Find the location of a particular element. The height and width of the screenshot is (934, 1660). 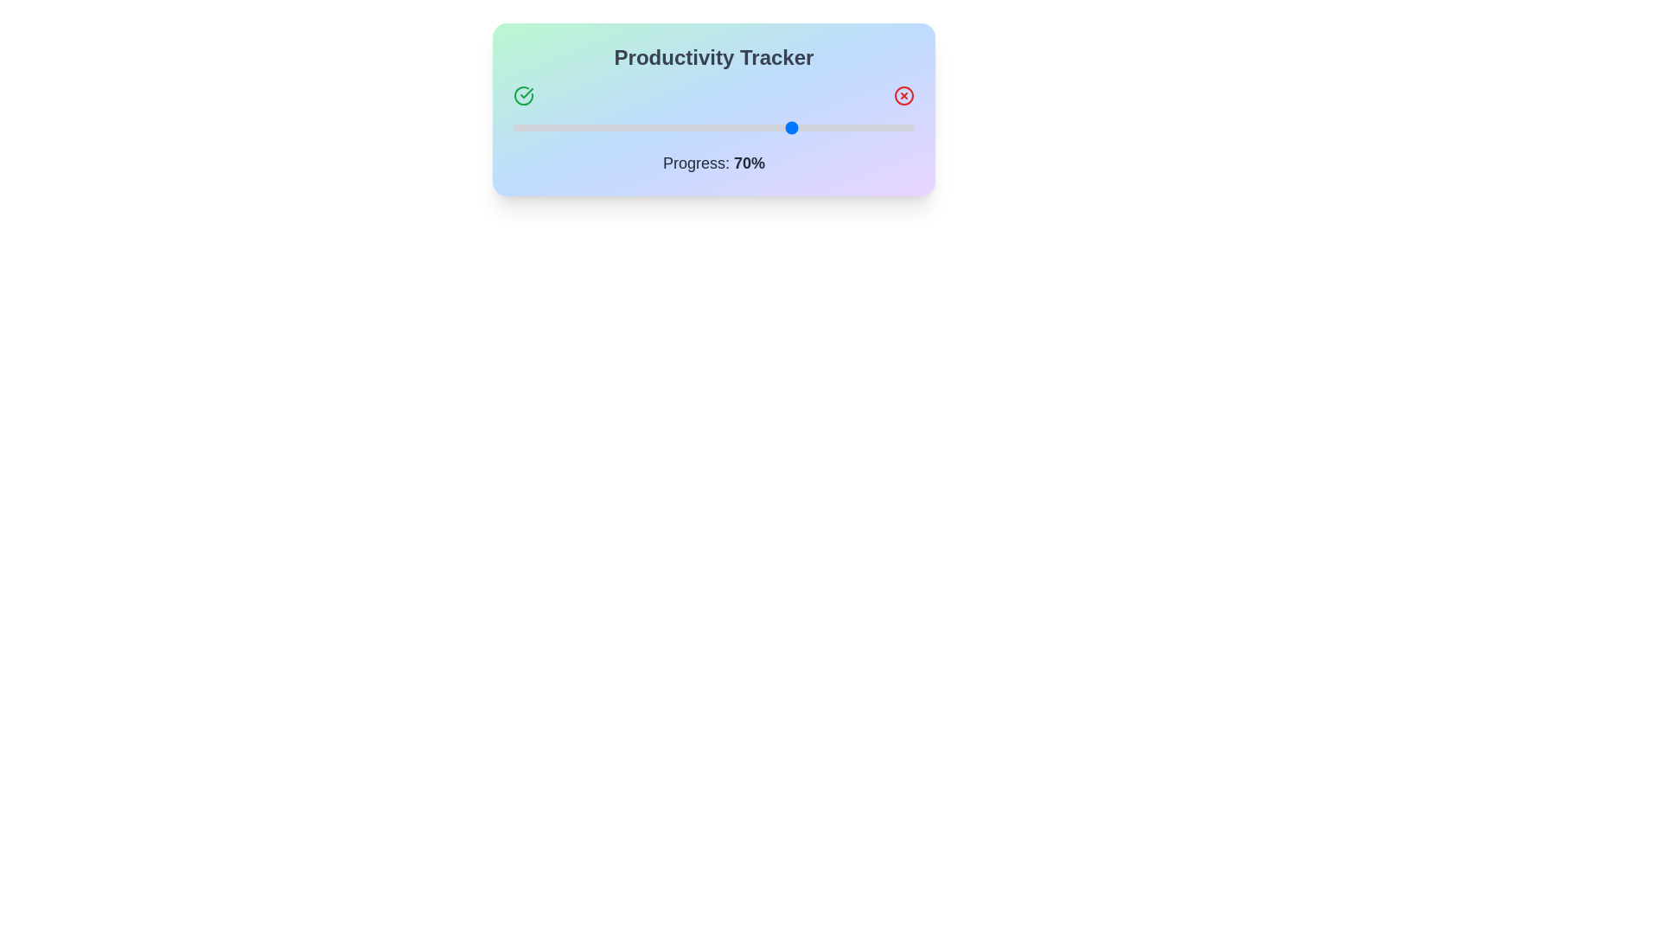

the progress value is located at coordinates (702, 126).